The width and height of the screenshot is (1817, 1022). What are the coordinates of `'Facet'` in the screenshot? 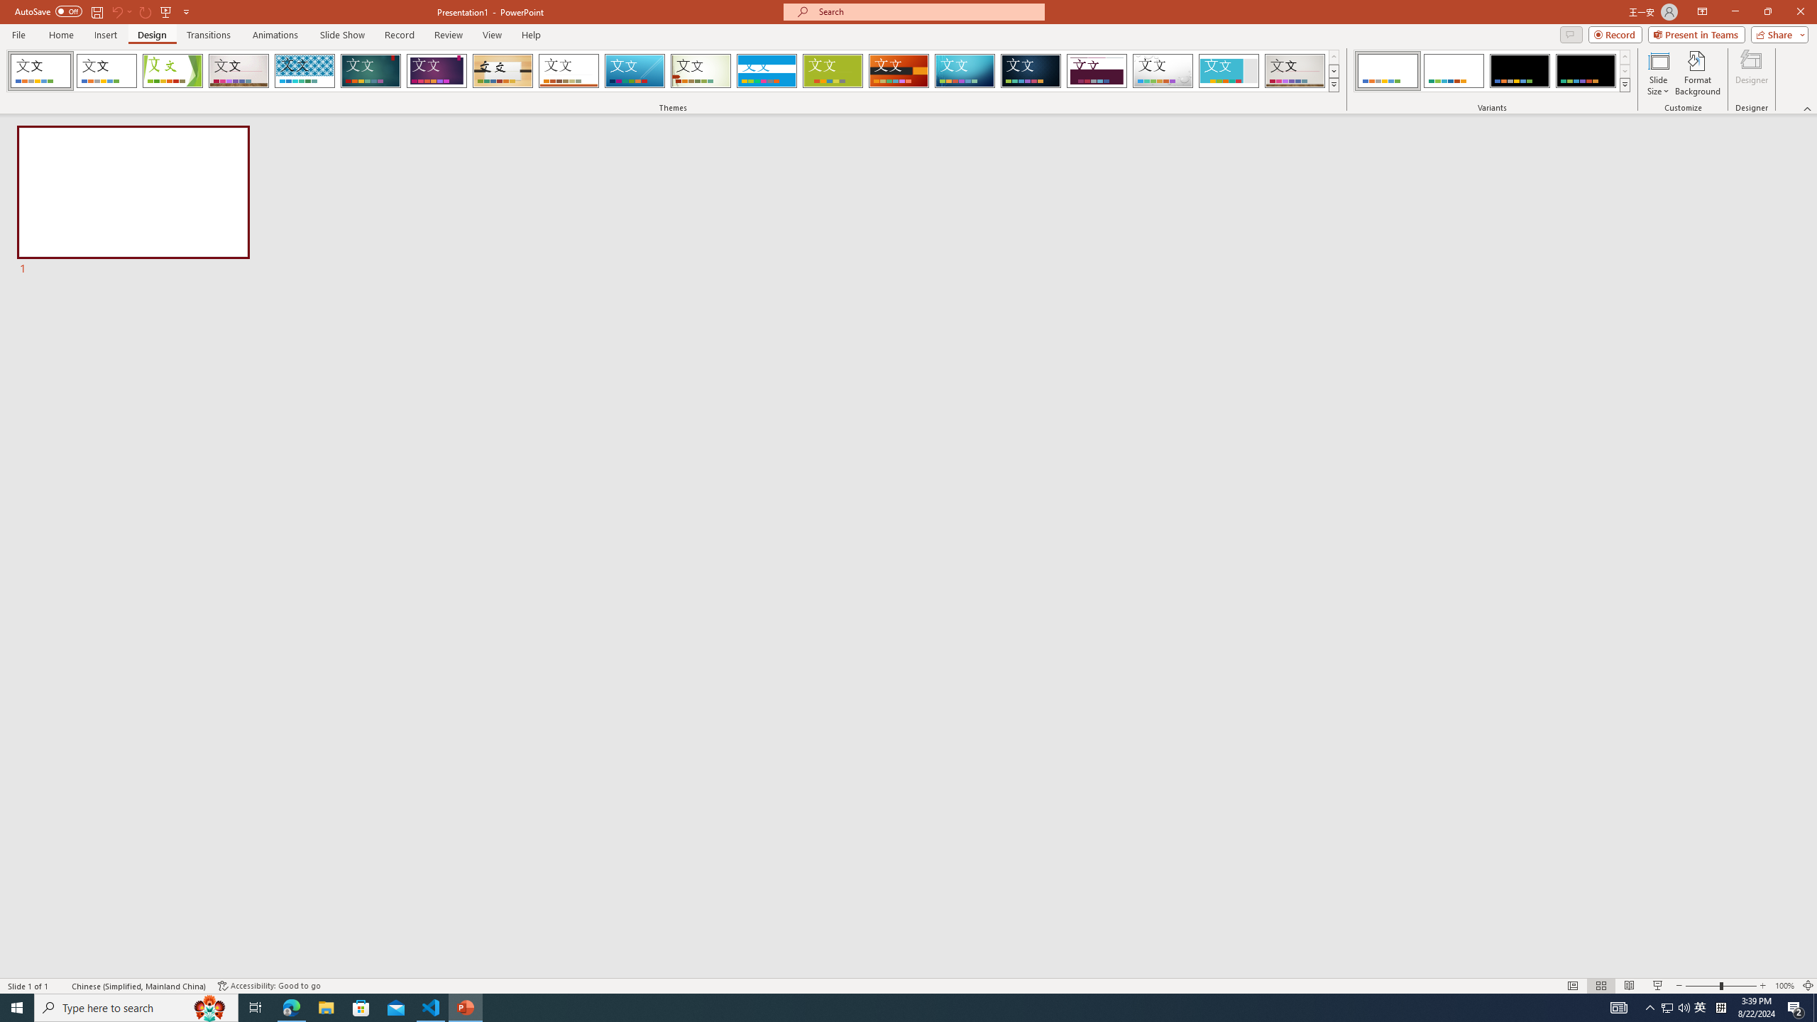 It's located at (172, 70).